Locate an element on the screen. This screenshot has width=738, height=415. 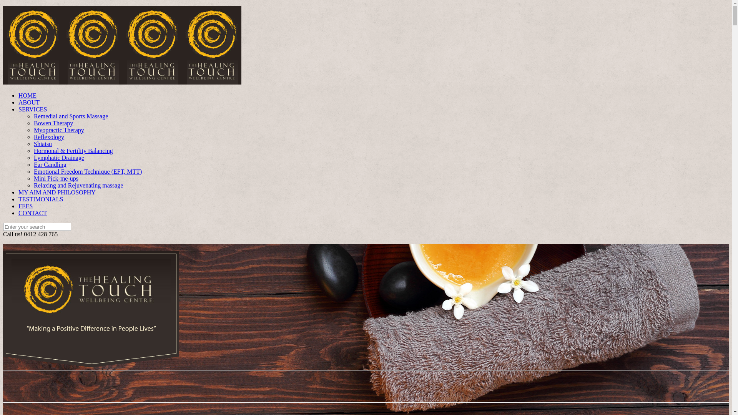
'SERVICES' is located at coordinates (32, 109).